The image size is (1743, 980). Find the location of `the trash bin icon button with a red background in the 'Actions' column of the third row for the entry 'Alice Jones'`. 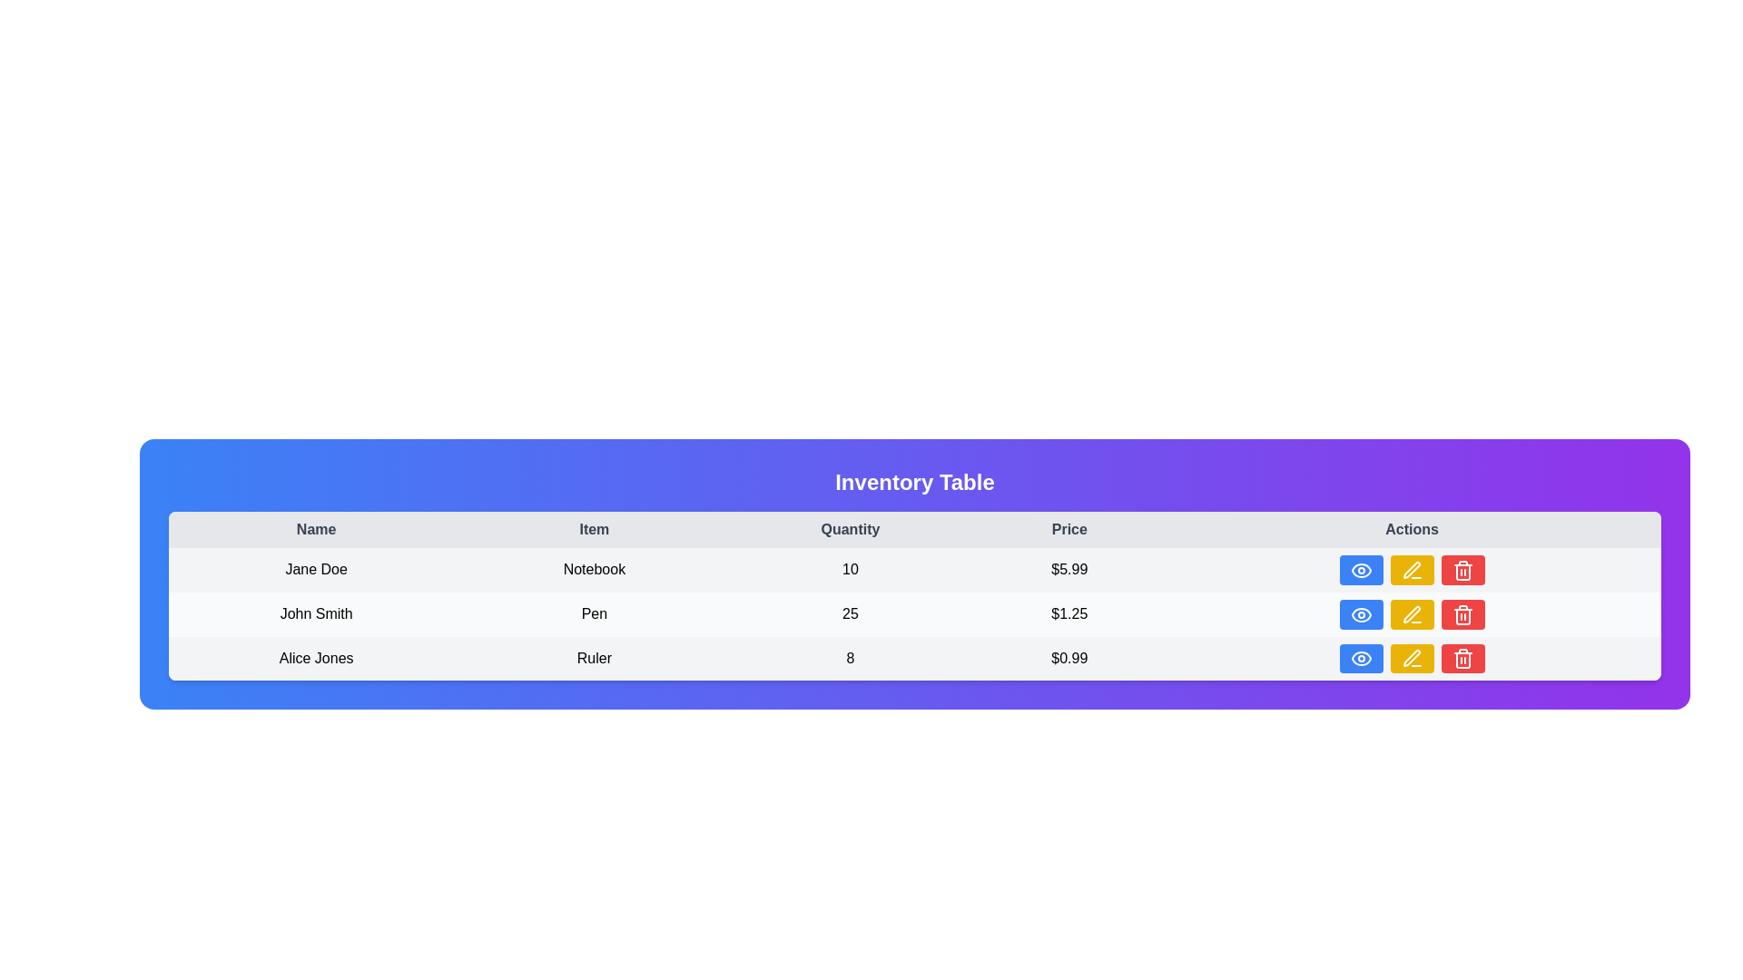

the trash bin icon button with a red background in the 'Actions' column of the third row for the entry 'Alice Jones' is located at coordinates (1462, 659).